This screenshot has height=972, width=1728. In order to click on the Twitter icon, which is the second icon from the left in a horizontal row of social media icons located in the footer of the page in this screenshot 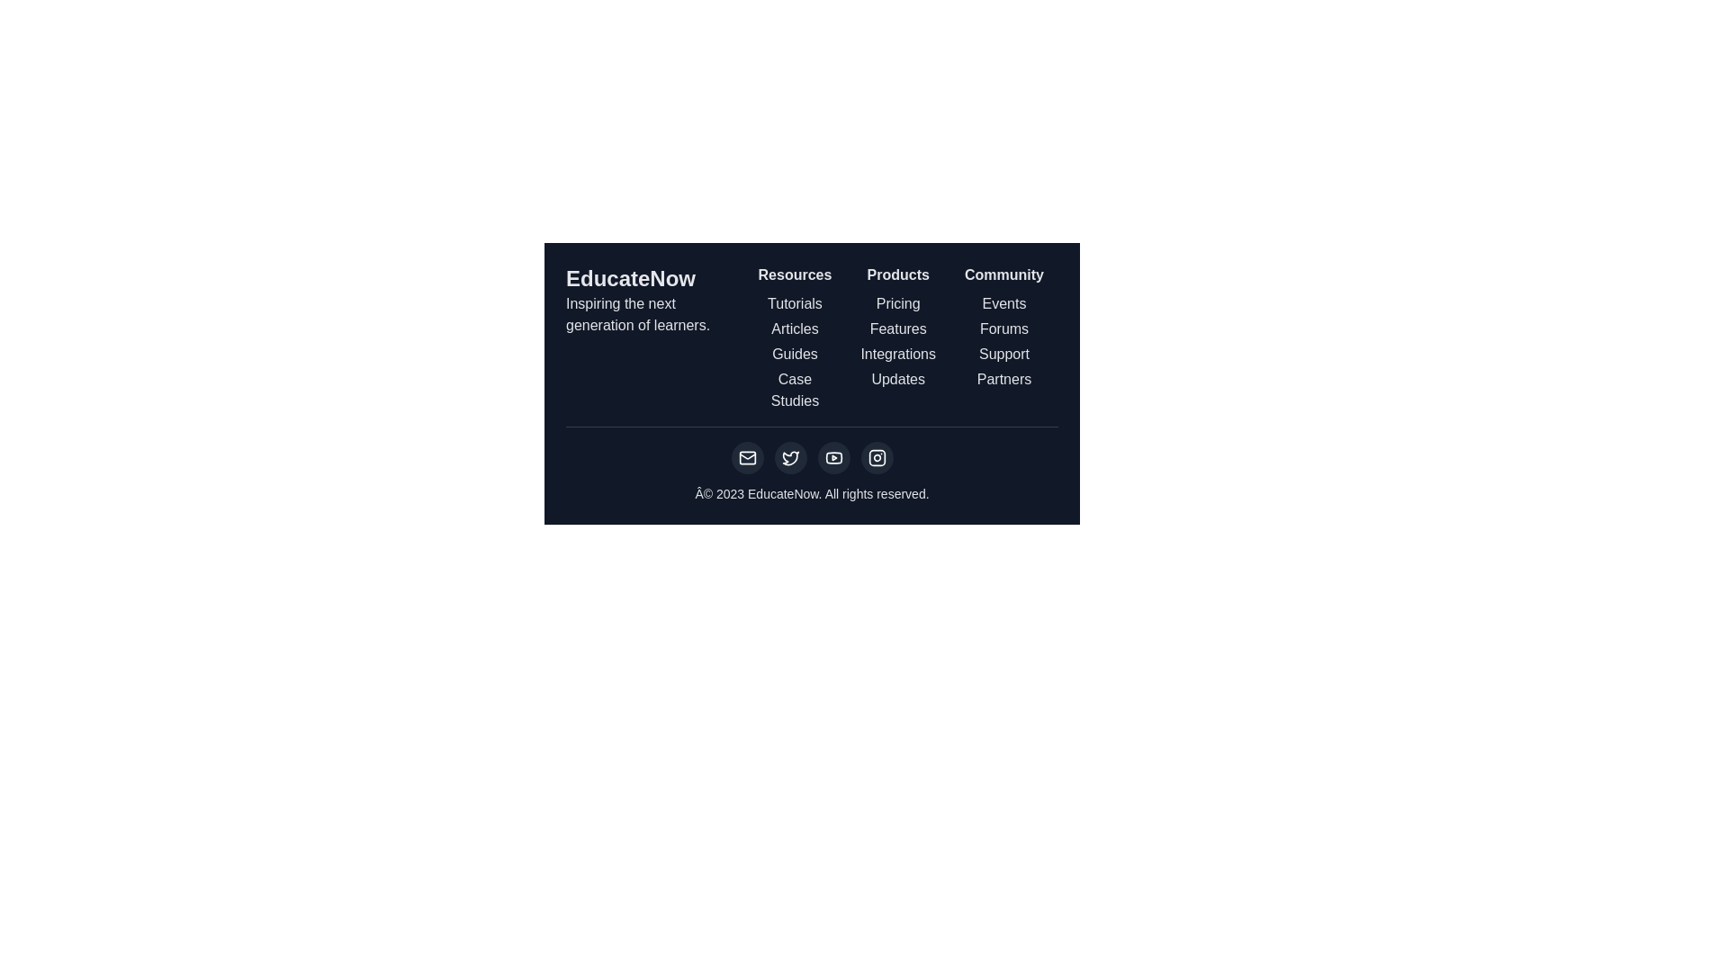, I will do `click(790, 457)`.